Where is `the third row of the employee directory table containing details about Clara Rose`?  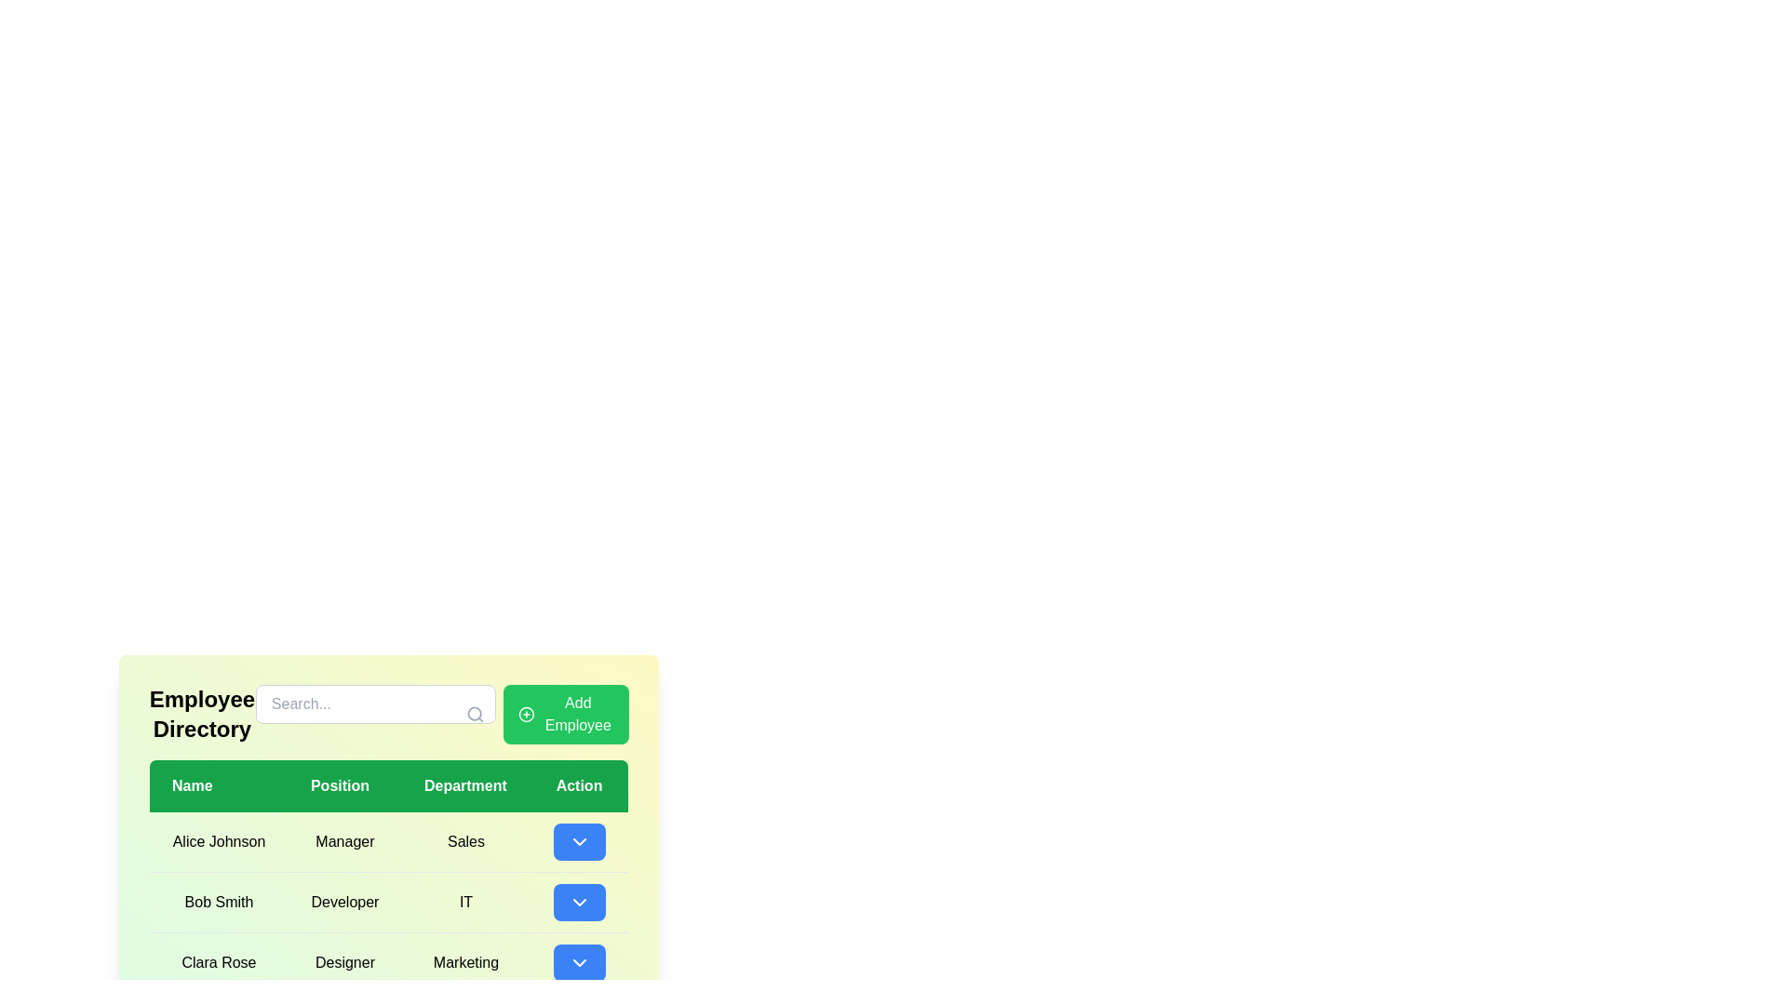 the third row of the employee directory table containing details about Clara Rose is located at coordinates (387, 962).